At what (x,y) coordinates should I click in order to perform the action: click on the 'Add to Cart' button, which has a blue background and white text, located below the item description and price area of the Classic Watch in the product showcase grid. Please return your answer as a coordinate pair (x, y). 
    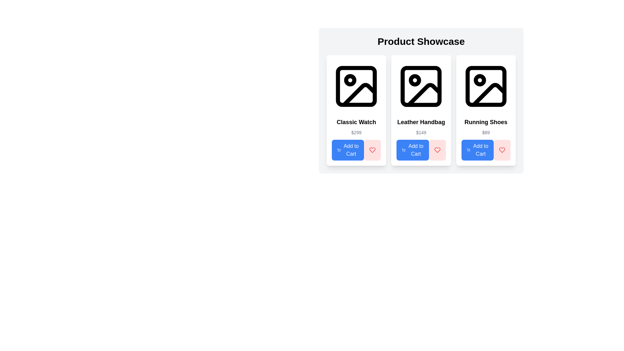
    Looking at the image, I should click on (347, 150).